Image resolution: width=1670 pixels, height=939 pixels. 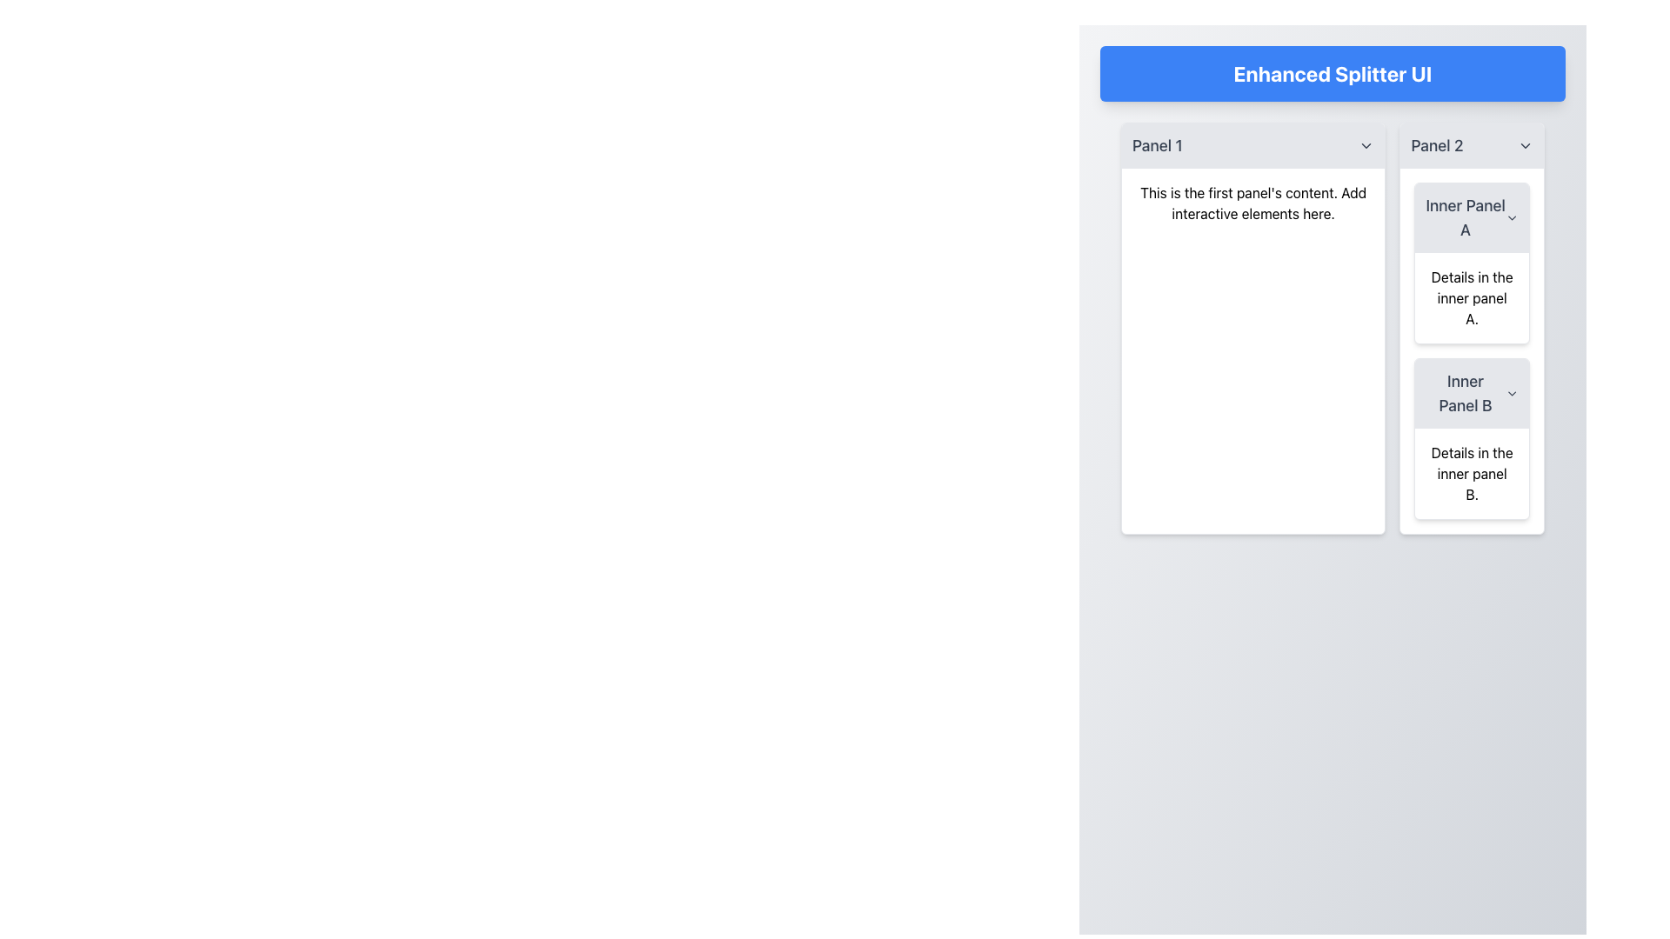 What do you see at coordinates (1366, 145) in the screenshot?
I see `the chevron icon in the header of 'Panel 1'` at bounding box center [1366, 145].